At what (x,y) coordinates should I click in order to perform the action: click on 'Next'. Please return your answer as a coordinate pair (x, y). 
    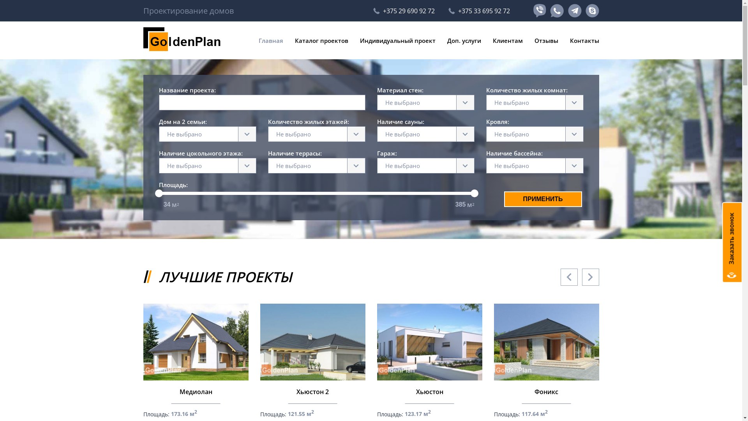
    Looking at the image, I should click on (582, 276).